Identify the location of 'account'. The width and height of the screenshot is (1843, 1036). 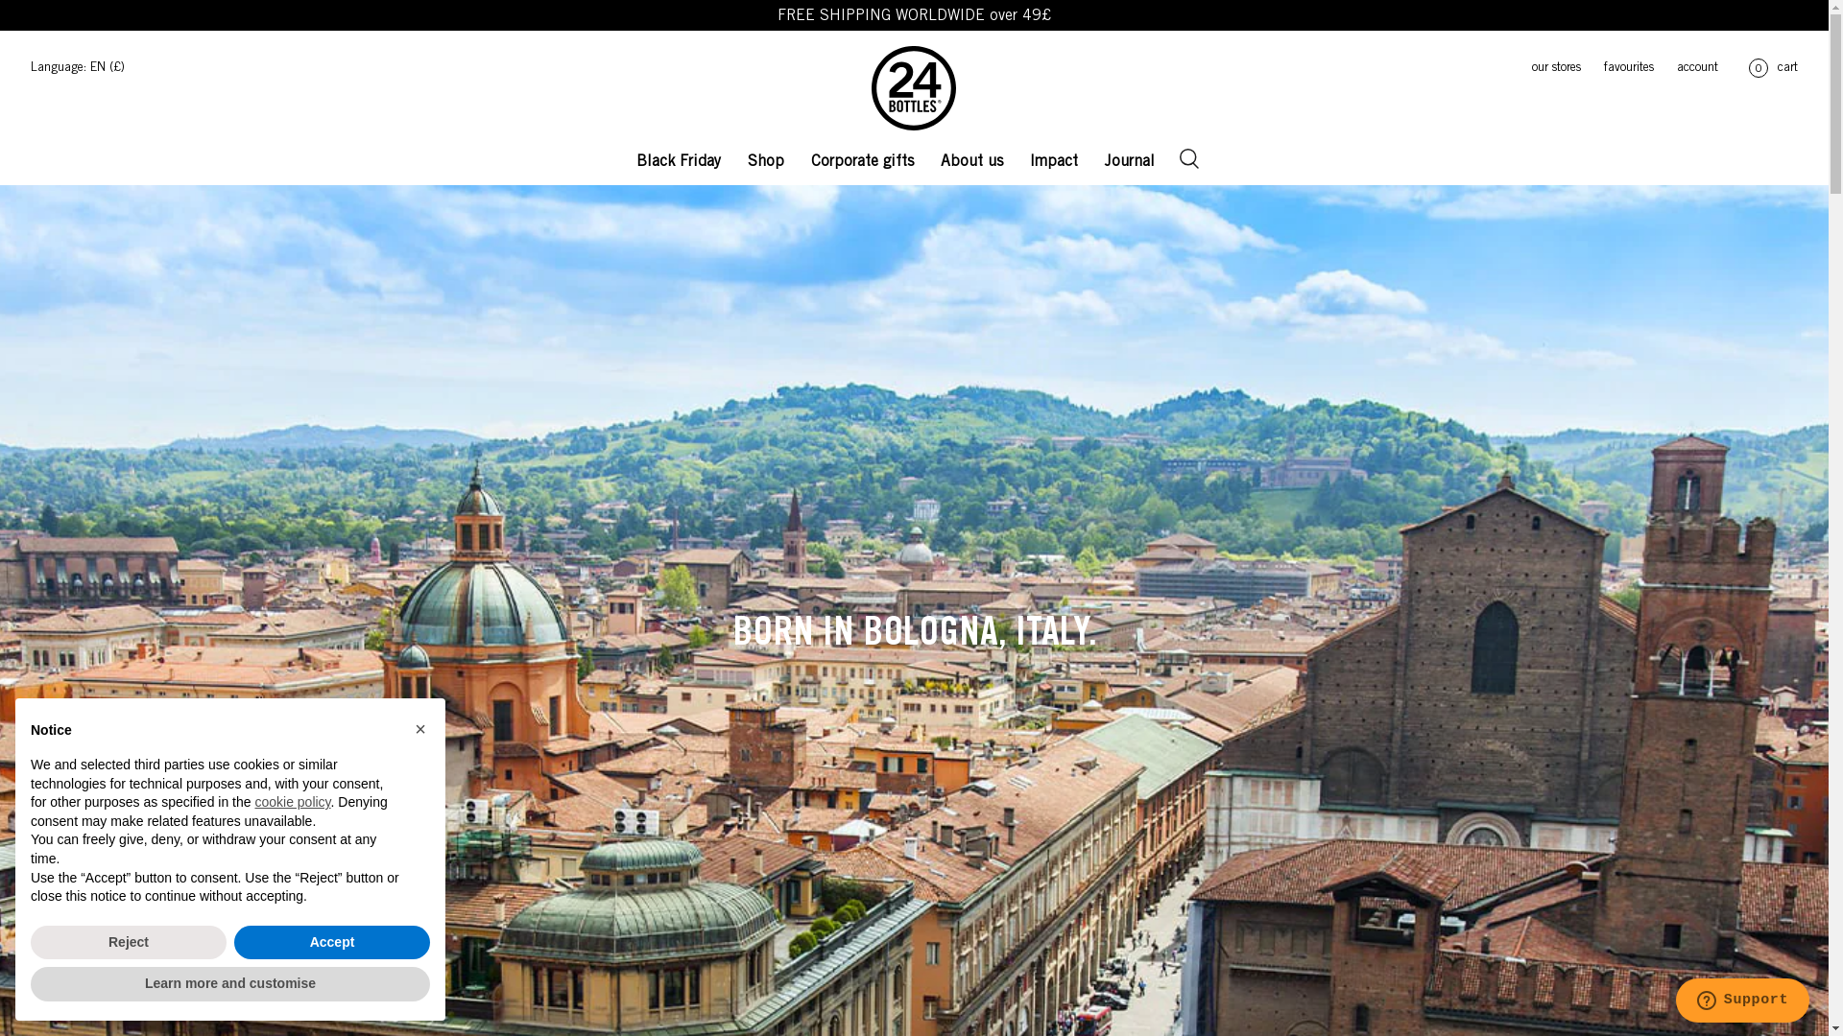
(1653, 68).